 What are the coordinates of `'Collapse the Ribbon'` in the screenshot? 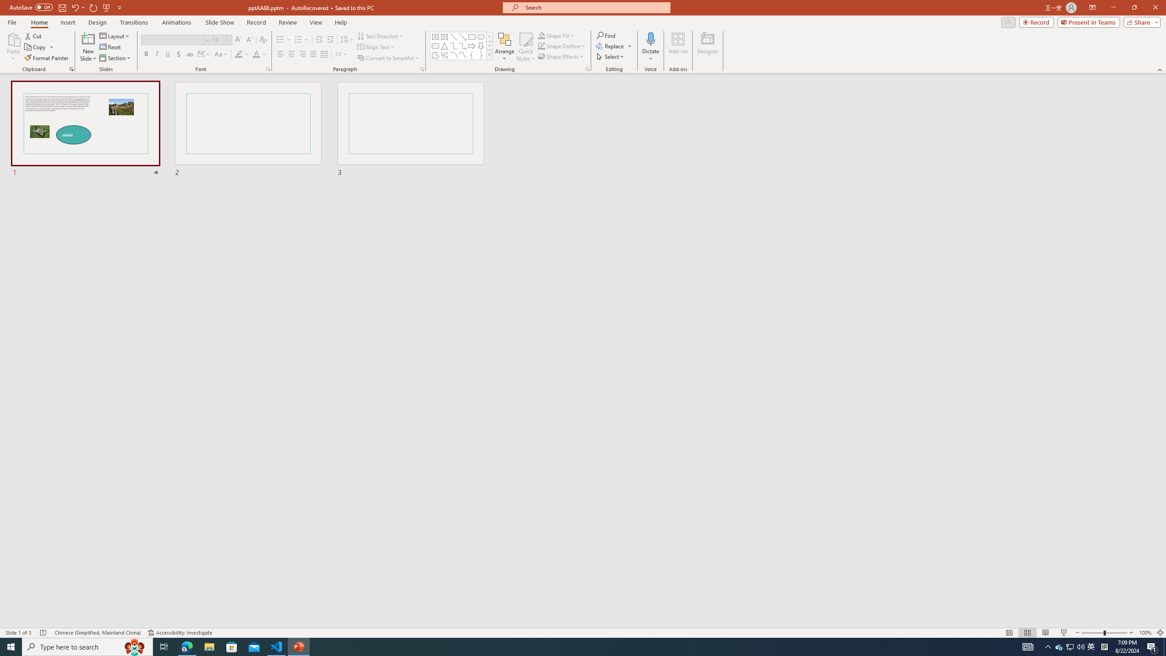 It's located at (1160, 70).